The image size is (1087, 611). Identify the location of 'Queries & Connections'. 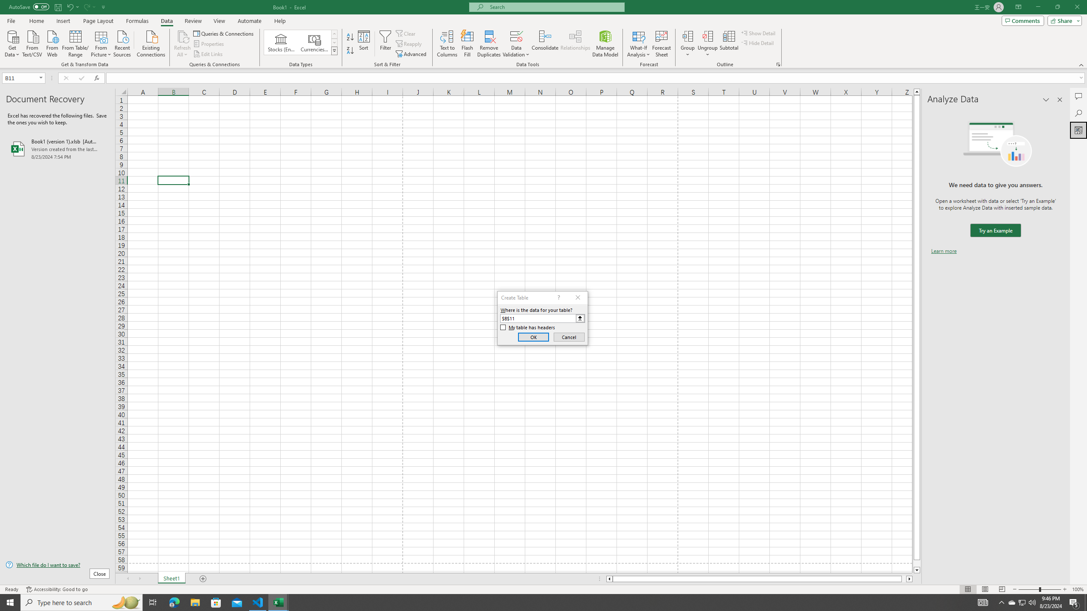
(224, 33).